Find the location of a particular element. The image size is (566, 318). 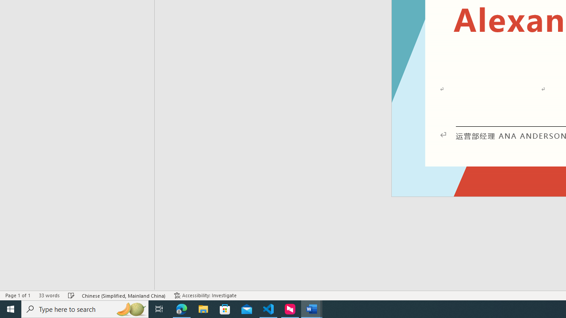

'Language Chinese (Simplified, Mainland China)' is located at coordinates (123, 295).